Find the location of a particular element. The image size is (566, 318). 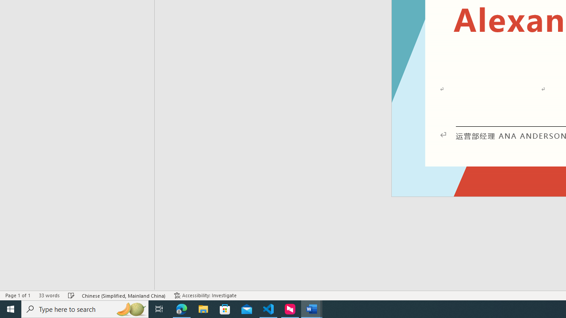

'Language Chinese (Simplified, Mainland China)' is located at coordinates (123, 295).